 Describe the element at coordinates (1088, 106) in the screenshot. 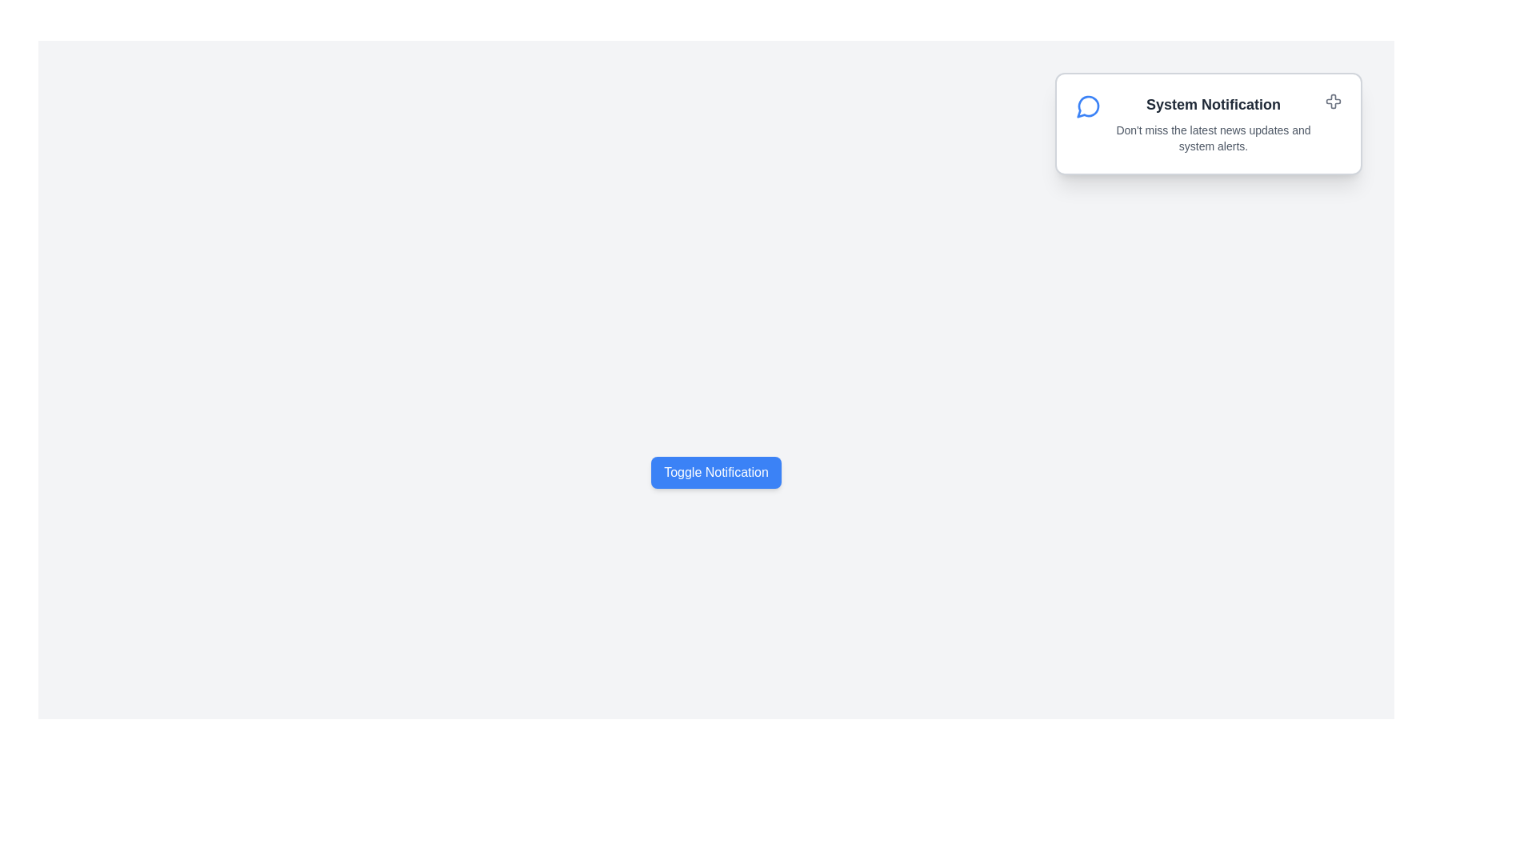

I see `the SVG-based notification icon located to the far left of the 'System Notification' text heading` at that location.